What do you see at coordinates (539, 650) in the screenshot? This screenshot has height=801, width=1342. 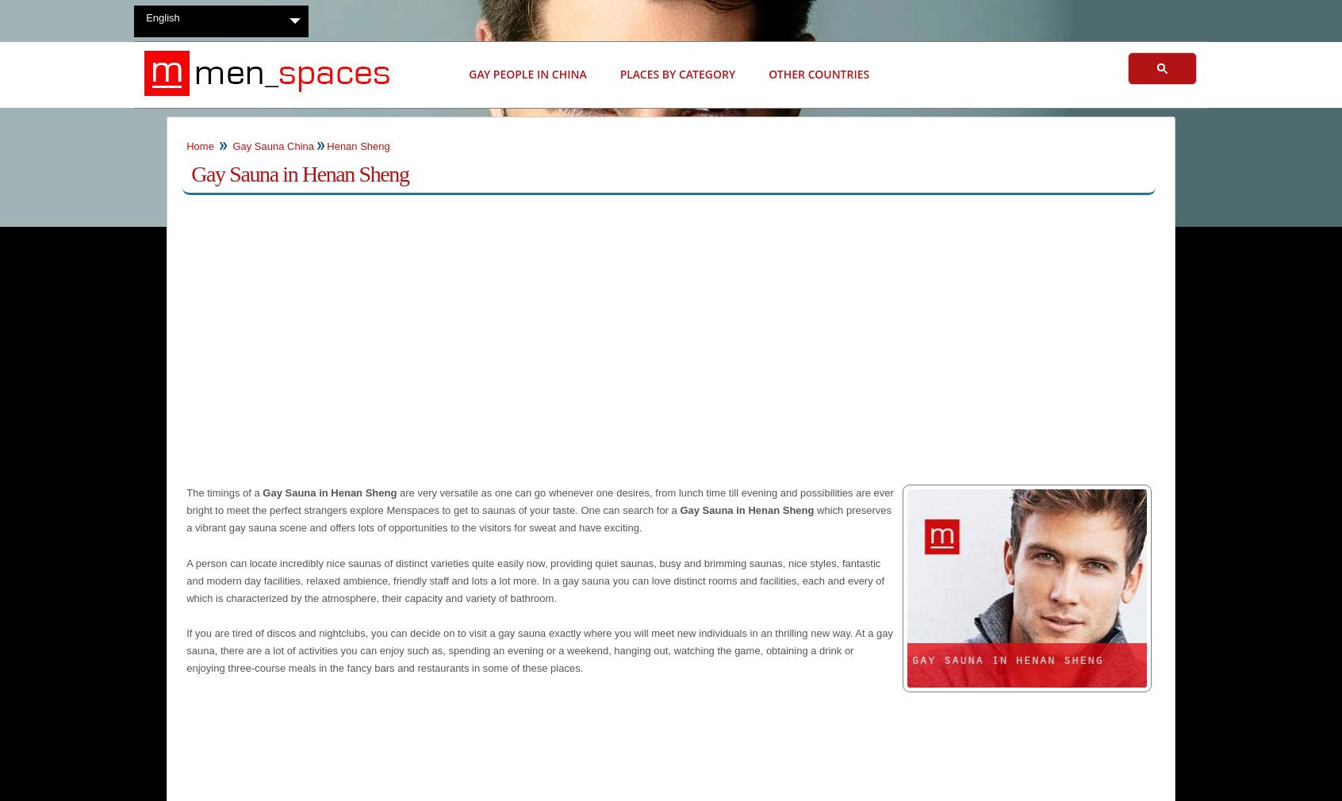 I see `'If you are tired of discos and nightclubs, you can decide on to visit a gay sauna exactly where you will meet new individuals in an thrilling new way. At a gay sauna, there are a lot of activities you can enjoy such as, spending an evening or a weekend, hanging out, watching the game, obtaining a drink or enjoying three-course meals in the fancy bars and restaurants in some of these places.'` at bounding box center [539, 650].